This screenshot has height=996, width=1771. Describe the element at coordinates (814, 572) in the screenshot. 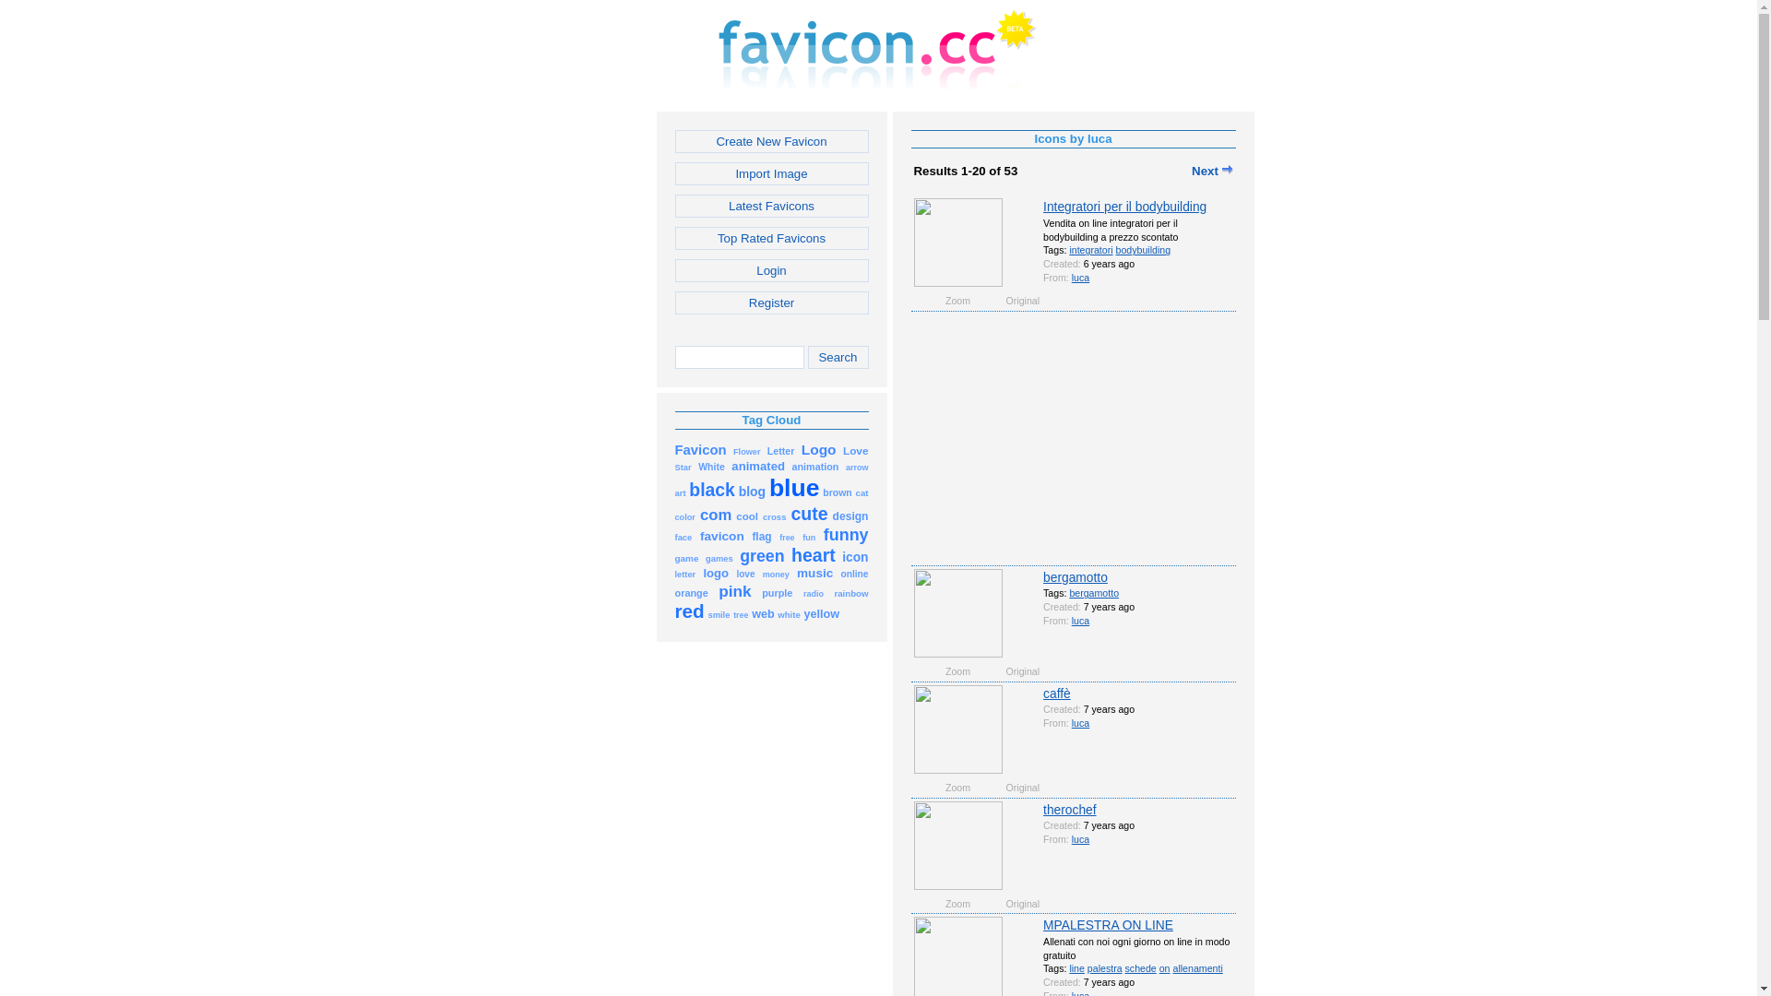

I see `'music'` at that location.